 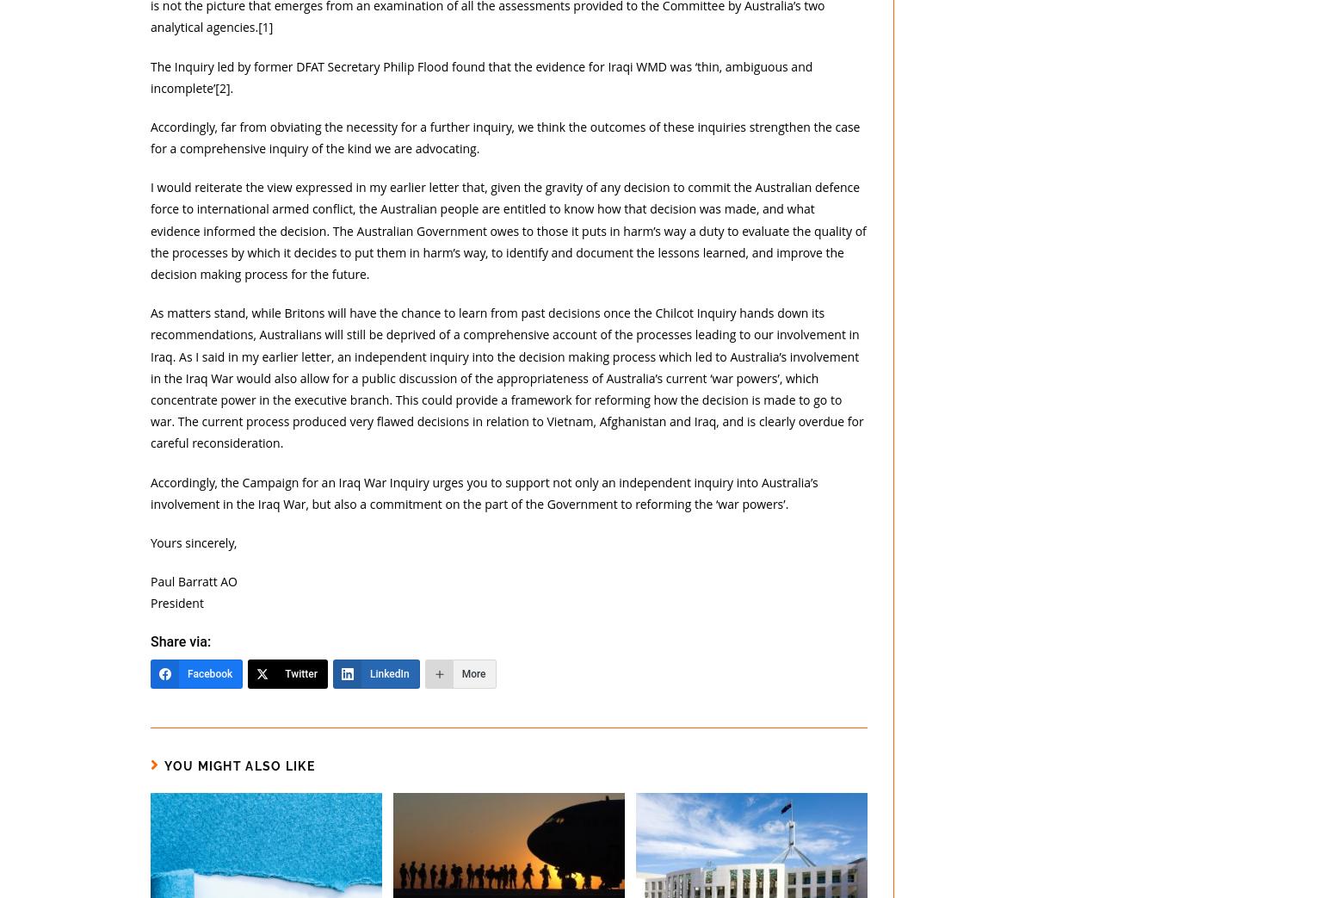 I want to click on 'The Inquiry led by former DFAT Secretary Philip Flood found that the evidence for Iraqi WMD was ‘thin, ambiguous and incomplete’[2].', so click(x=481, y=76).